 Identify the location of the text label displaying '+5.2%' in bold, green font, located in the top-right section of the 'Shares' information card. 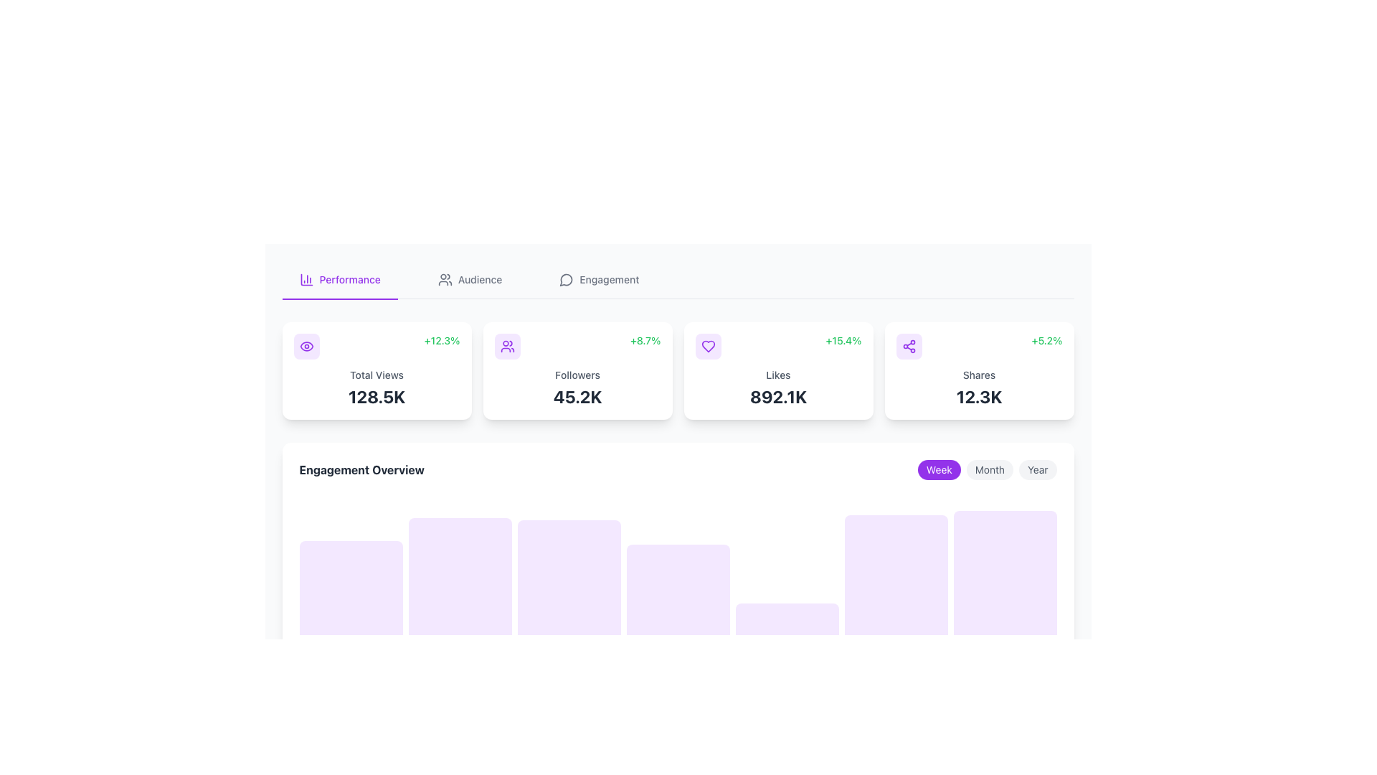
(1046, 340).